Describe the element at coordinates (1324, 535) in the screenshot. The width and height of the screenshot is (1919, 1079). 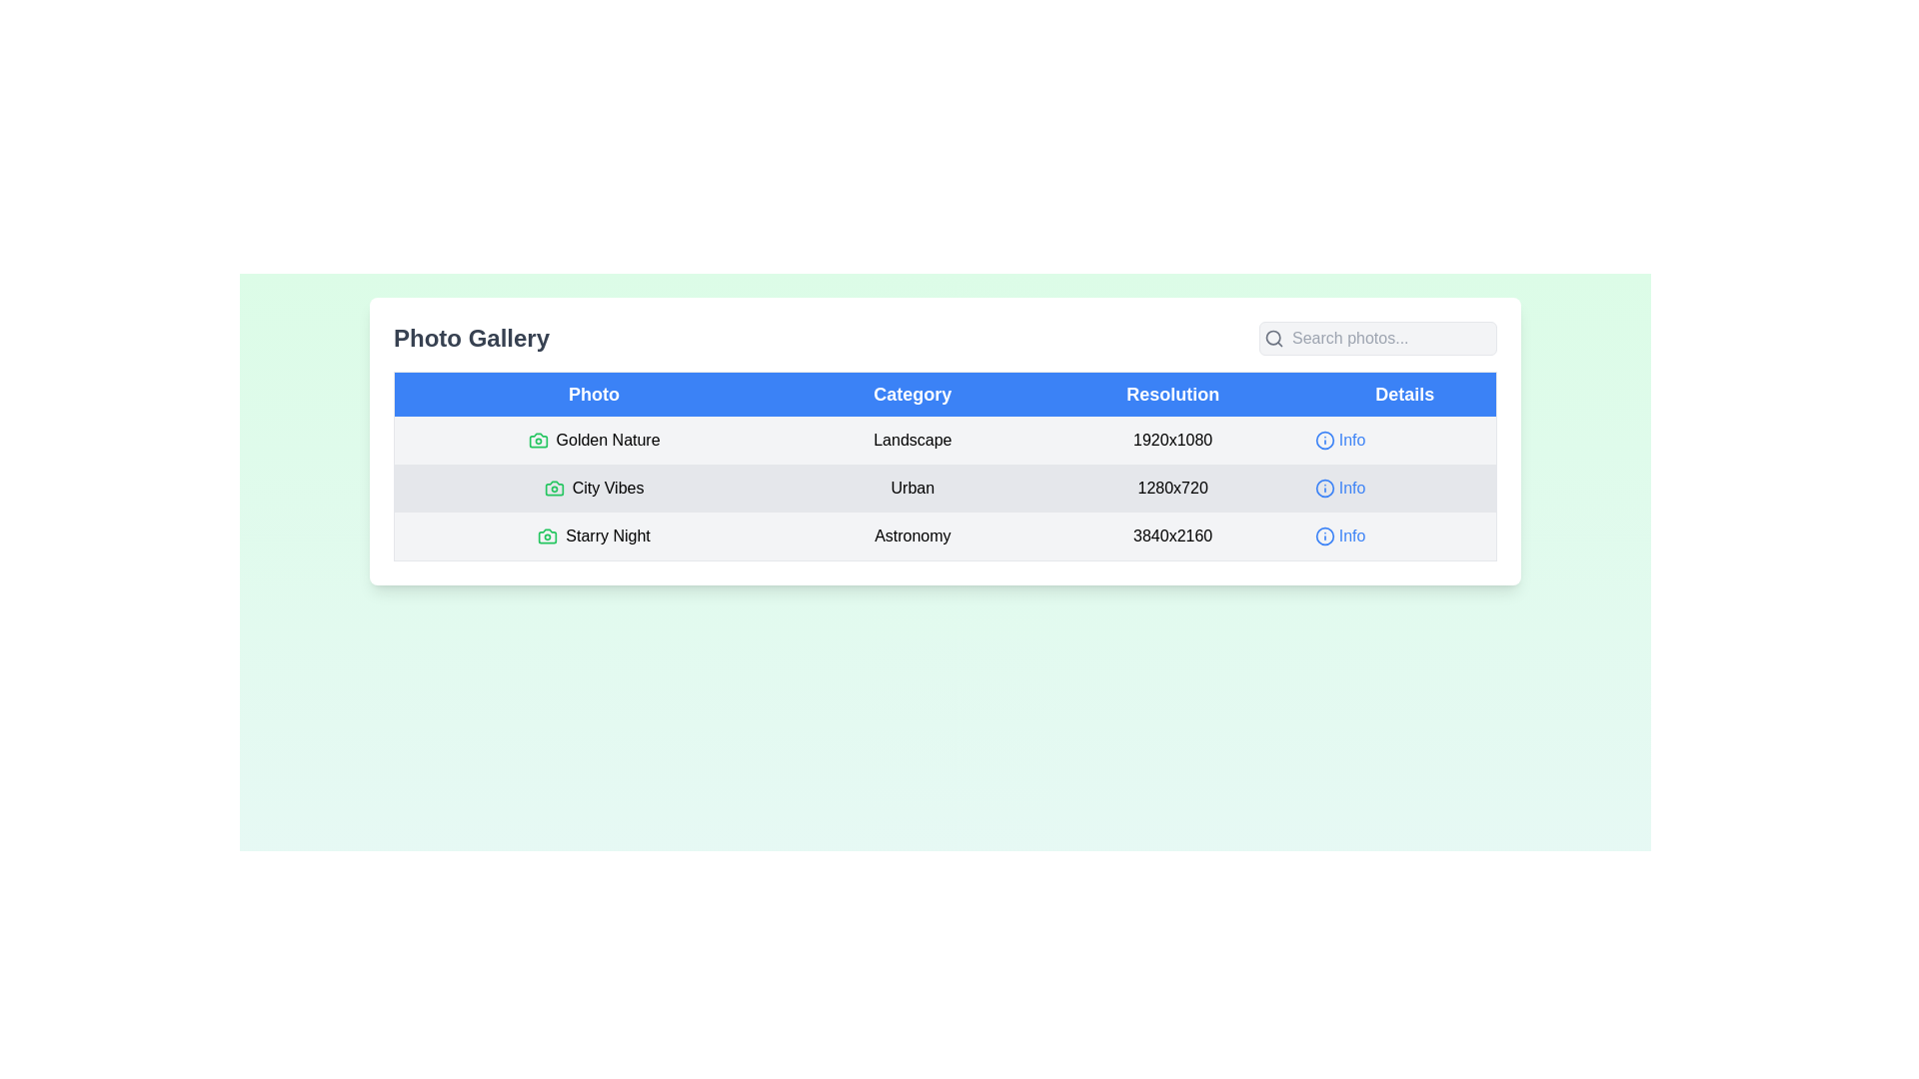
I see `the 'information' indicator icon located in the last row of the Details column, aligned with the 'Starry Night' entry` at that location.